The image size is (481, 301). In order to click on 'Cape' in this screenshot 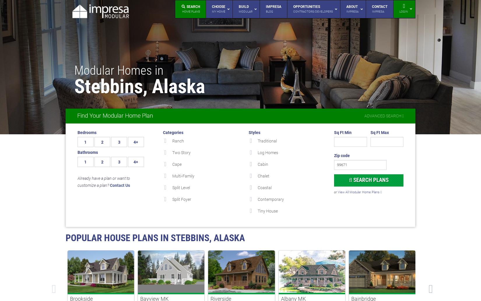, I will do `click(176, 164)`.